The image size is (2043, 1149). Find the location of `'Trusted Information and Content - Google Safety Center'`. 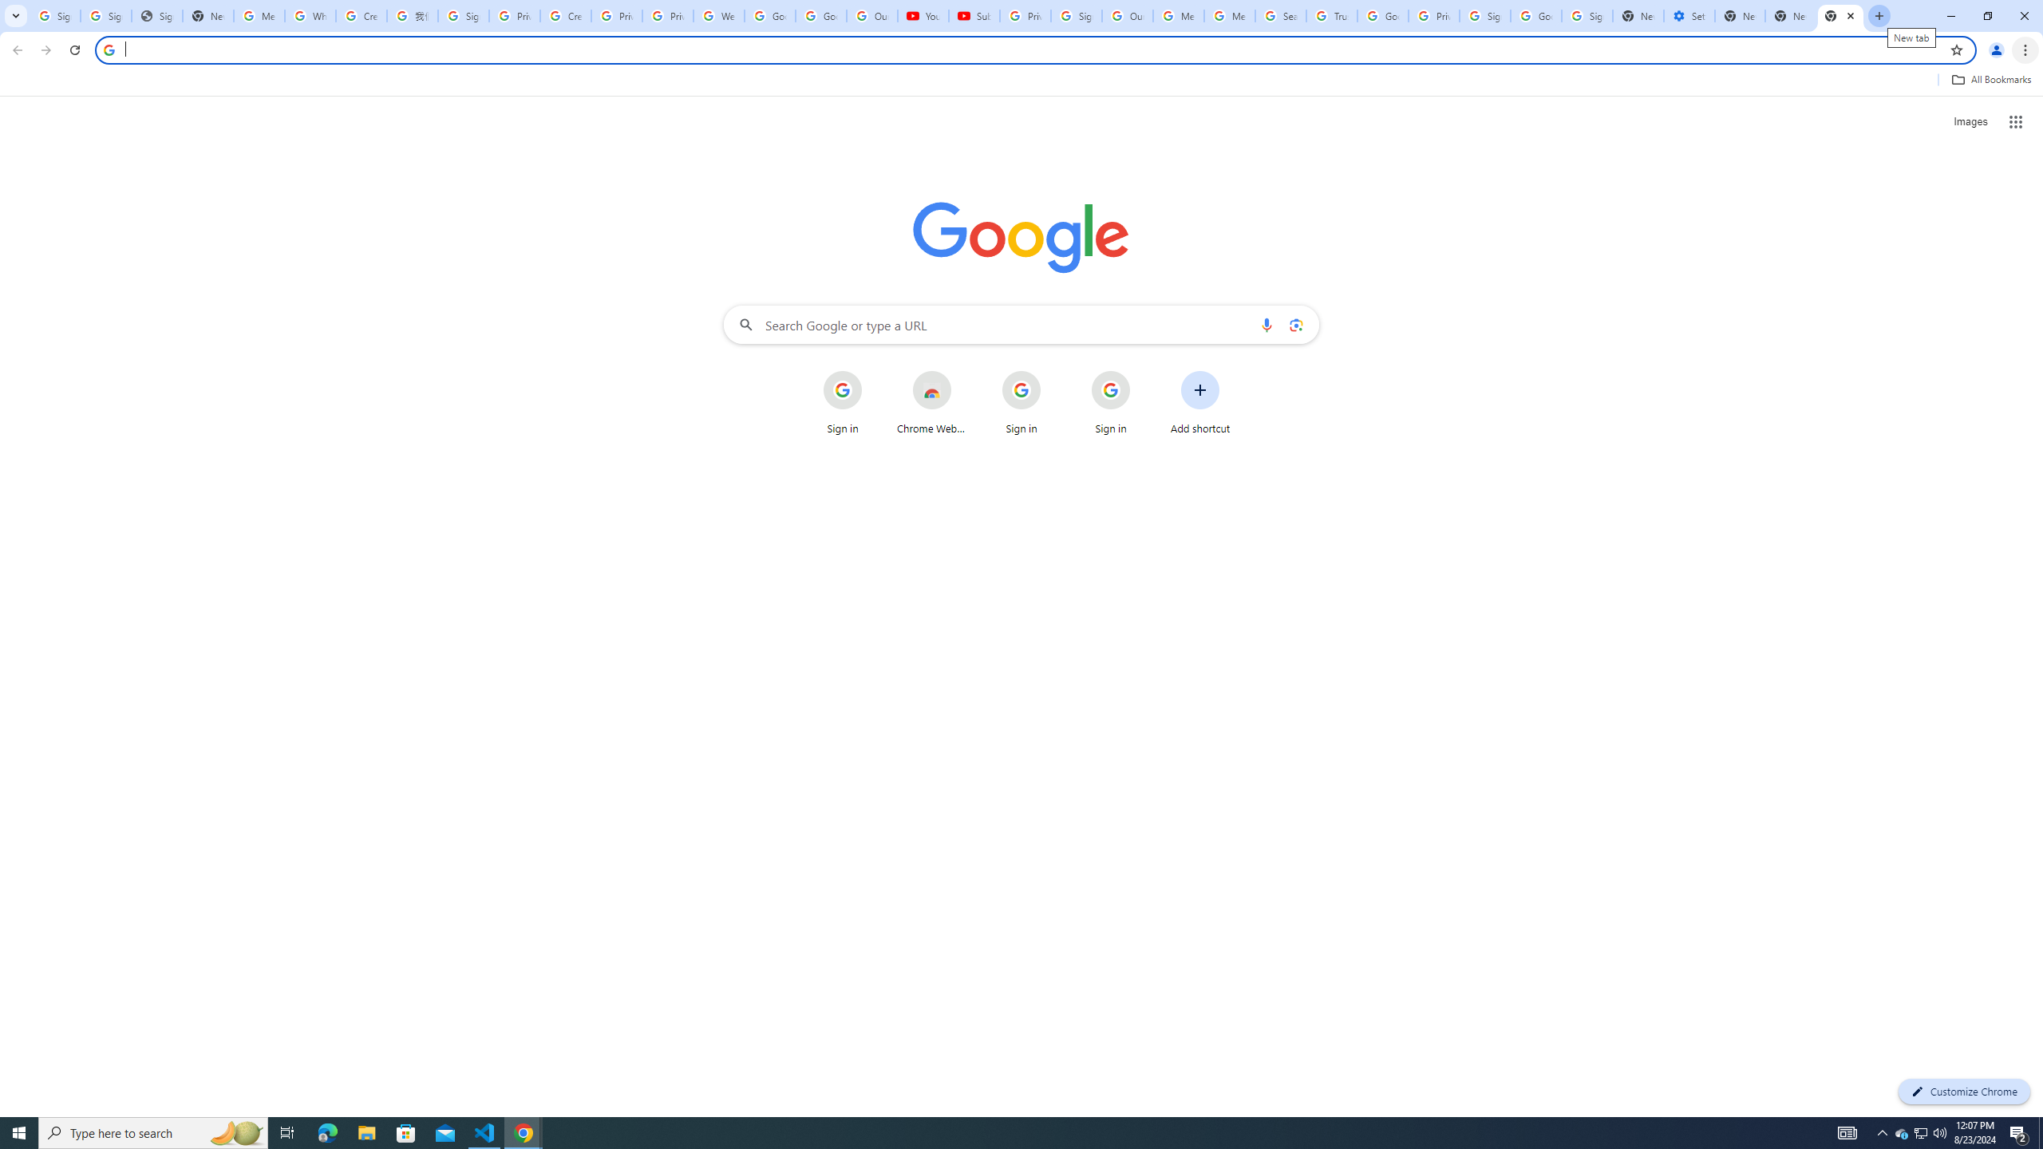

'Trusted Information and Content - Google Safety Center' is located at coordinates (1331, 15).